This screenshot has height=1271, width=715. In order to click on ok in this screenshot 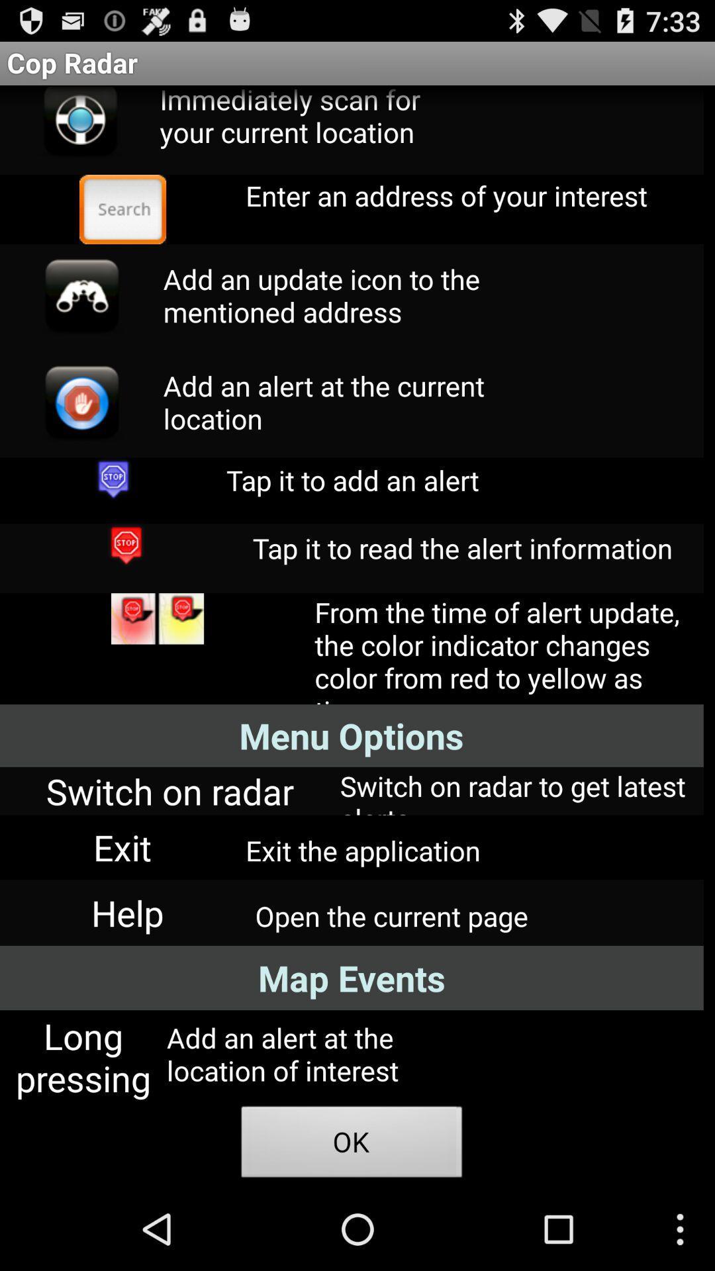, I will do `click(351, 1145)`.